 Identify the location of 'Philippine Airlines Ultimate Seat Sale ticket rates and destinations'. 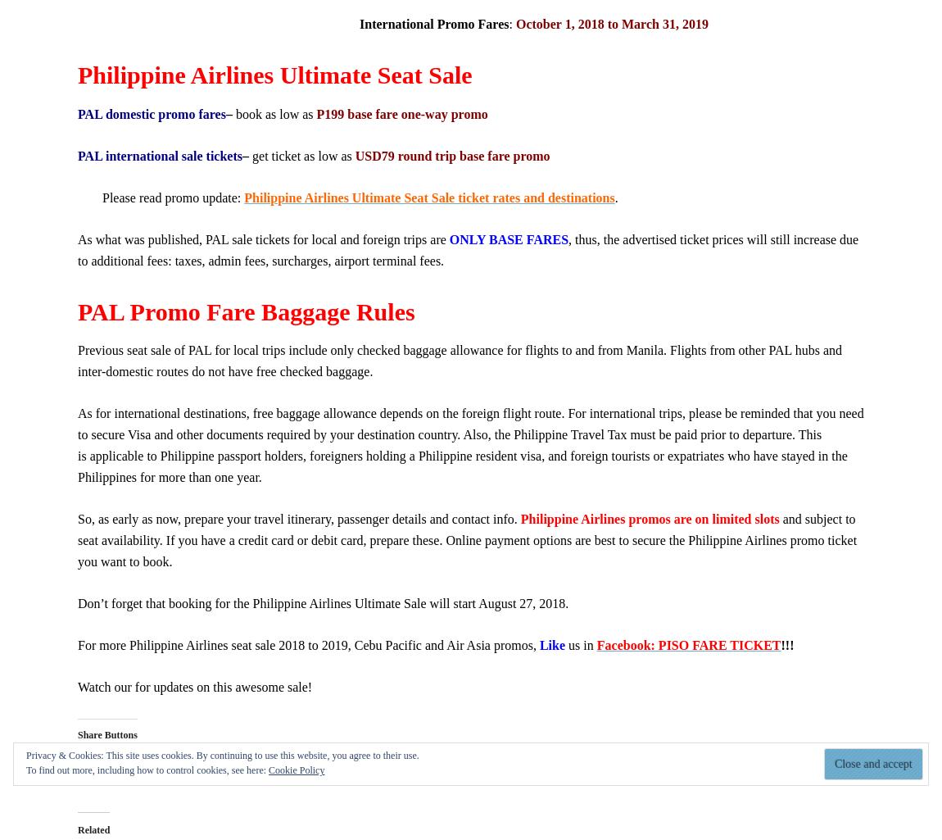
(429, 196).